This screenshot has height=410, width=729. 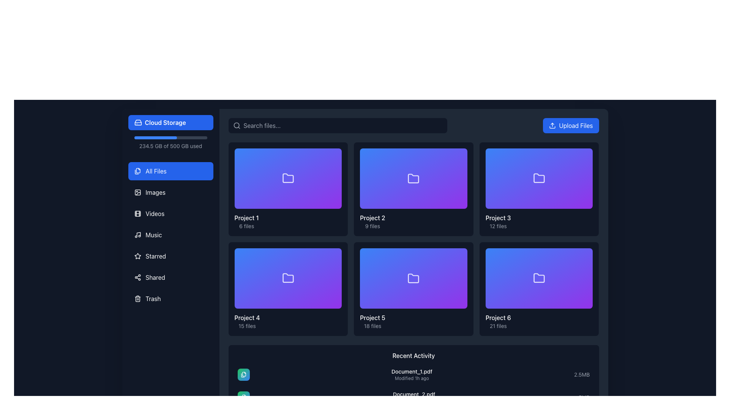 I want to click on the thin vertical line of the musical note in the 'Music' section's icon located in the left-hand navigation panel, which is the fifth element from the top, so click(x=138, y=234).